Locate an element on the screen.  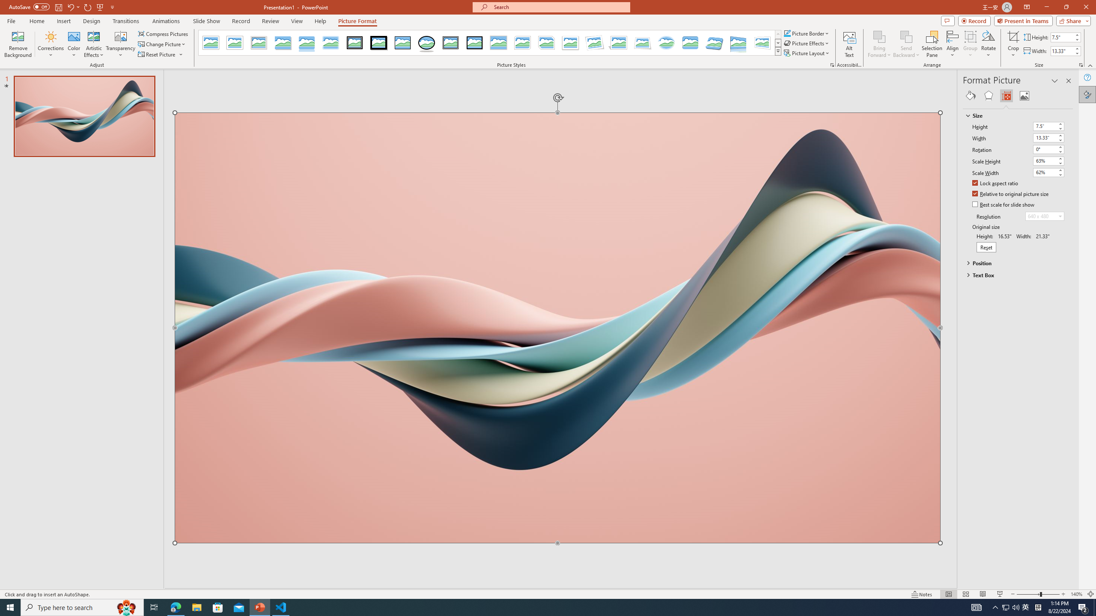
'Scale Width' is located at coordinates (1048, 172).